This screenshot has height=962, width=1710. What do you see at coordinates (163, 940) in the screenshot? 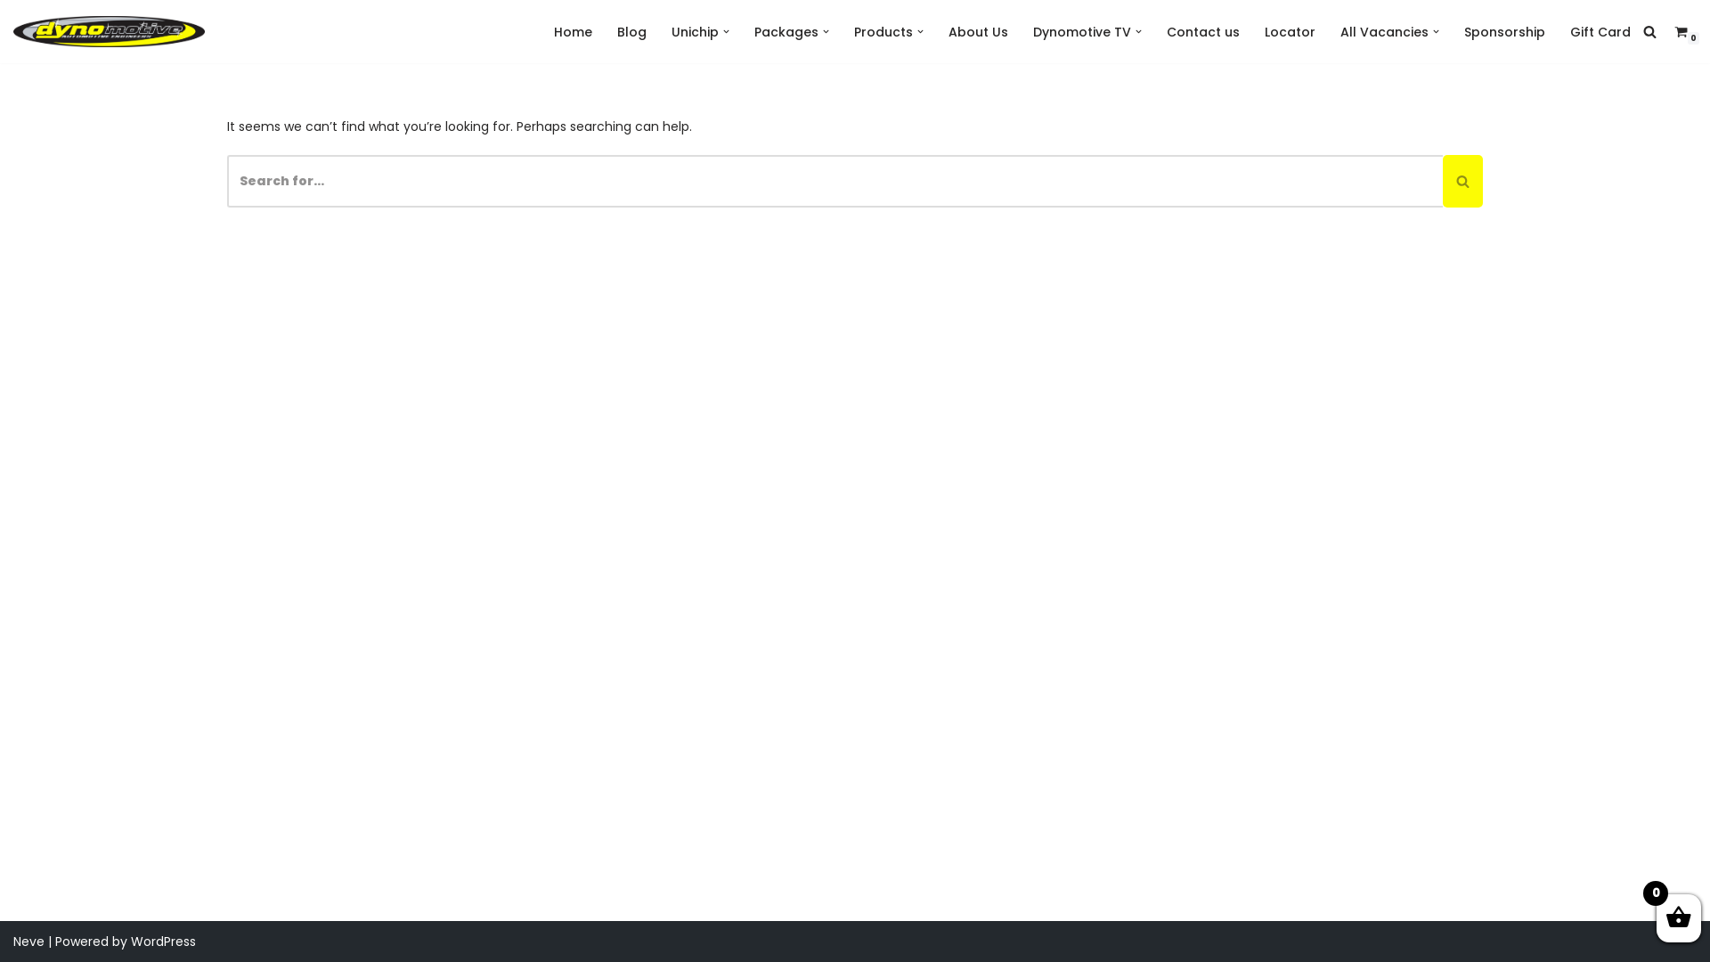
I see `'WordPress'` at bounding box center [163, 940].